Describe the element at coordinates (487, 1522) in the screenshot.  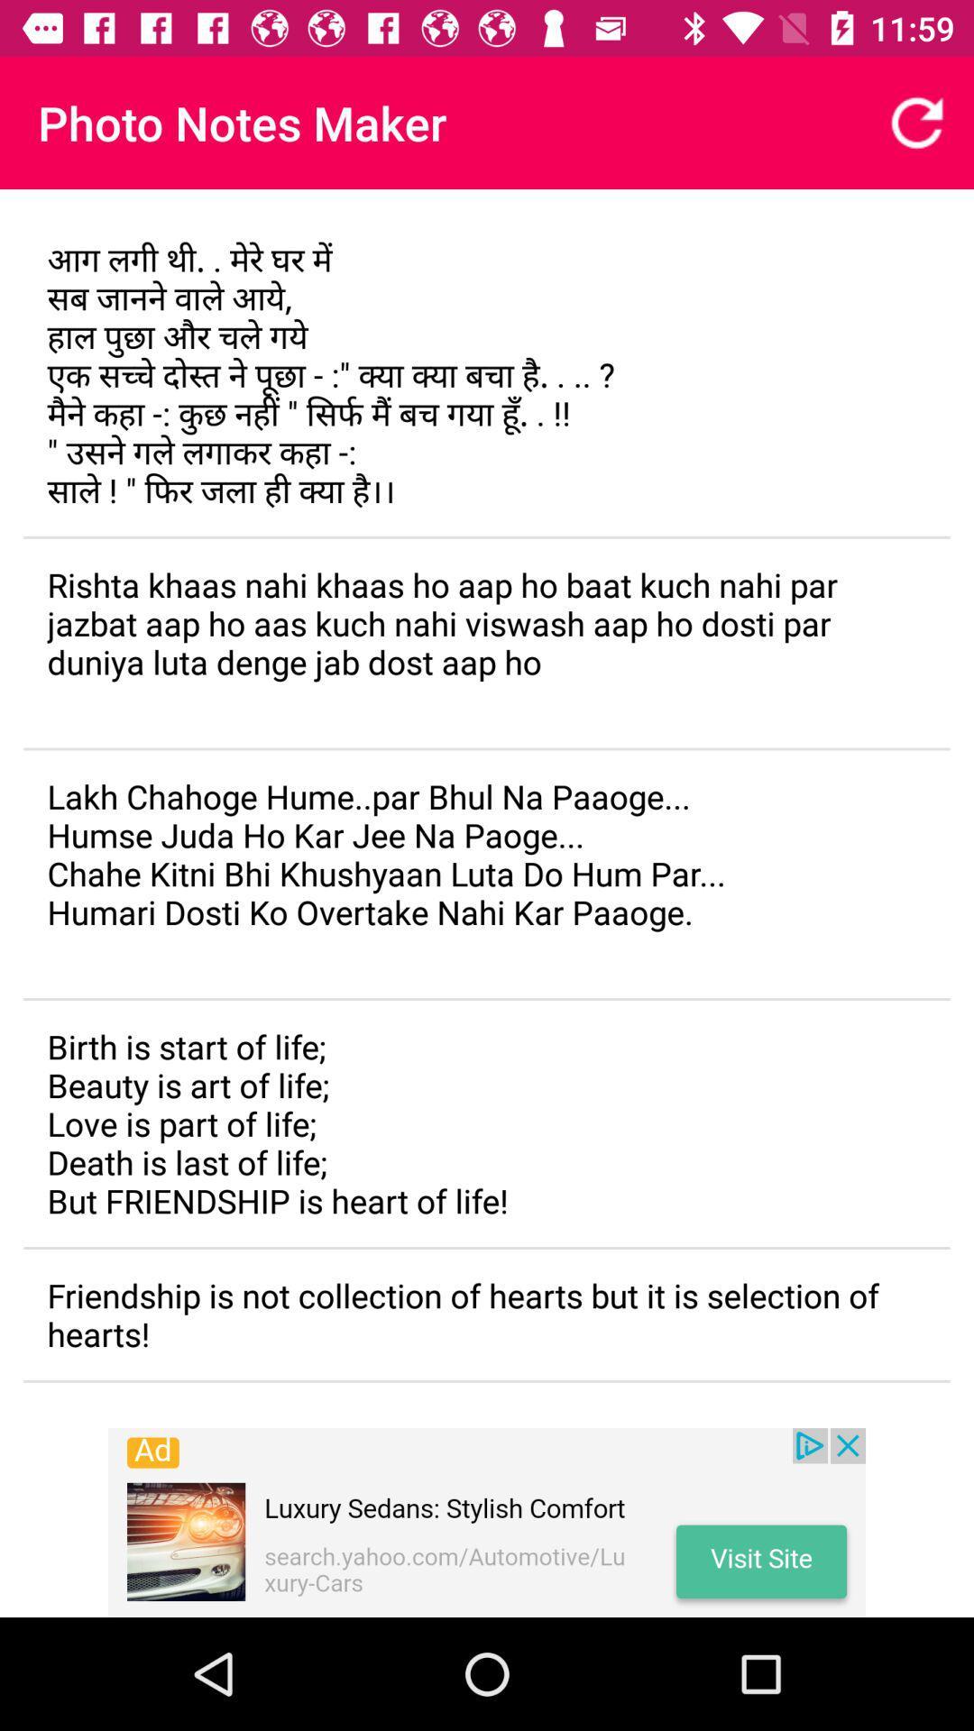
I see `advertisement` at that location.